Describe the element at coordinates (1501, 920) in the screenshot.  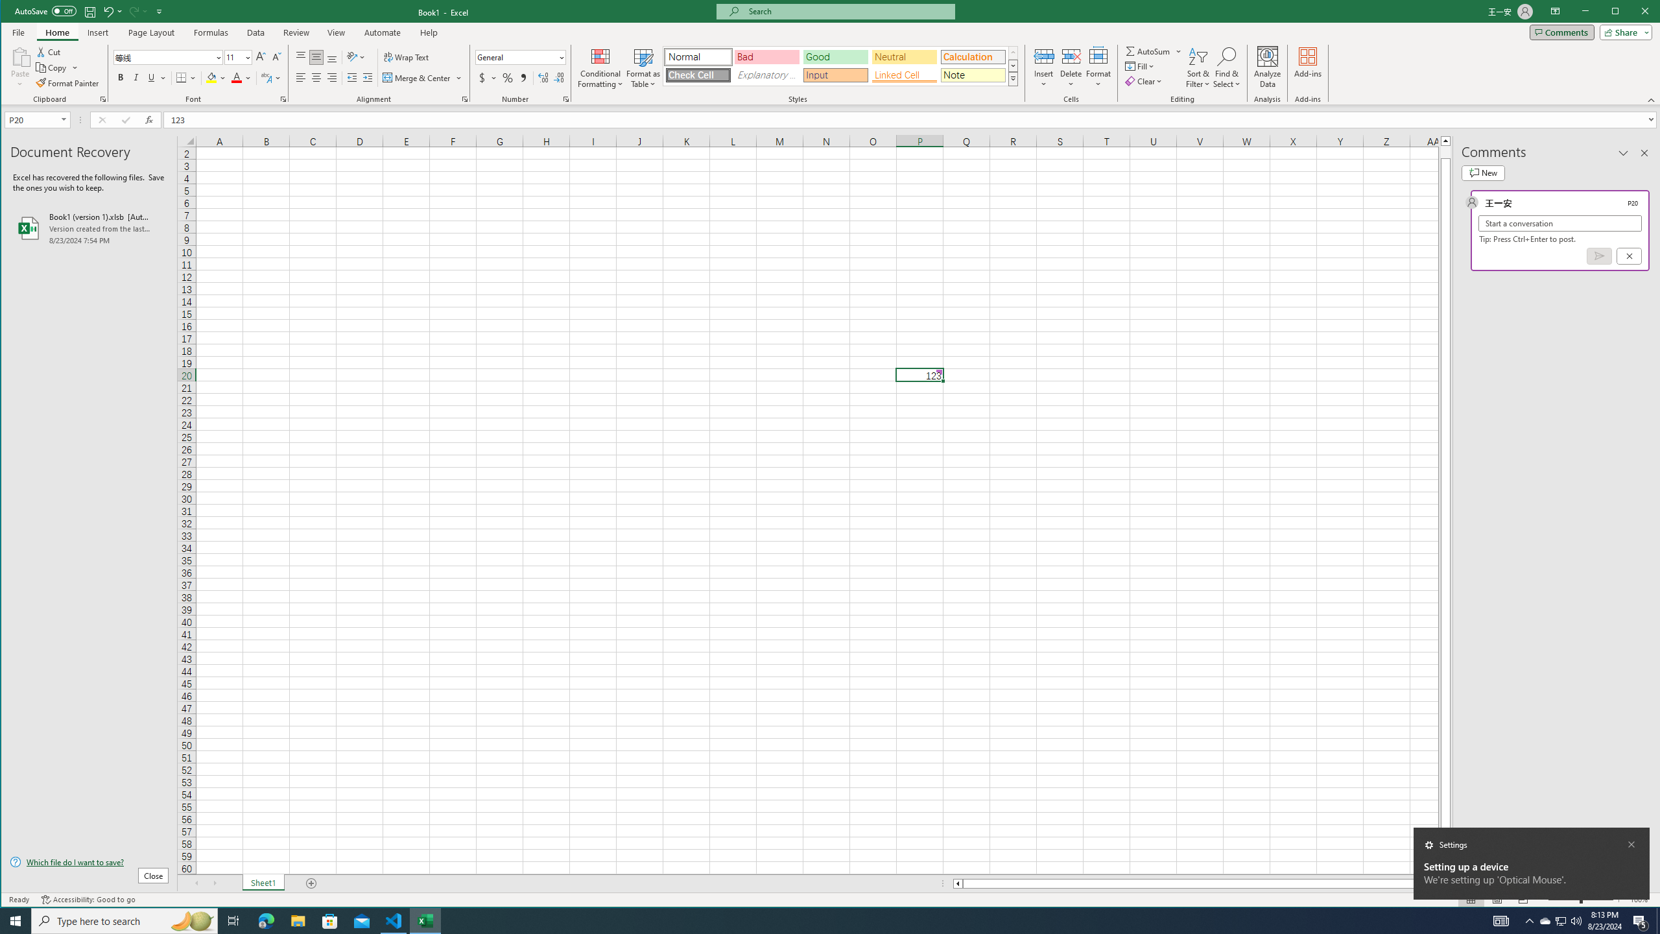
I see `'AutomationID: 4105'` at that location.